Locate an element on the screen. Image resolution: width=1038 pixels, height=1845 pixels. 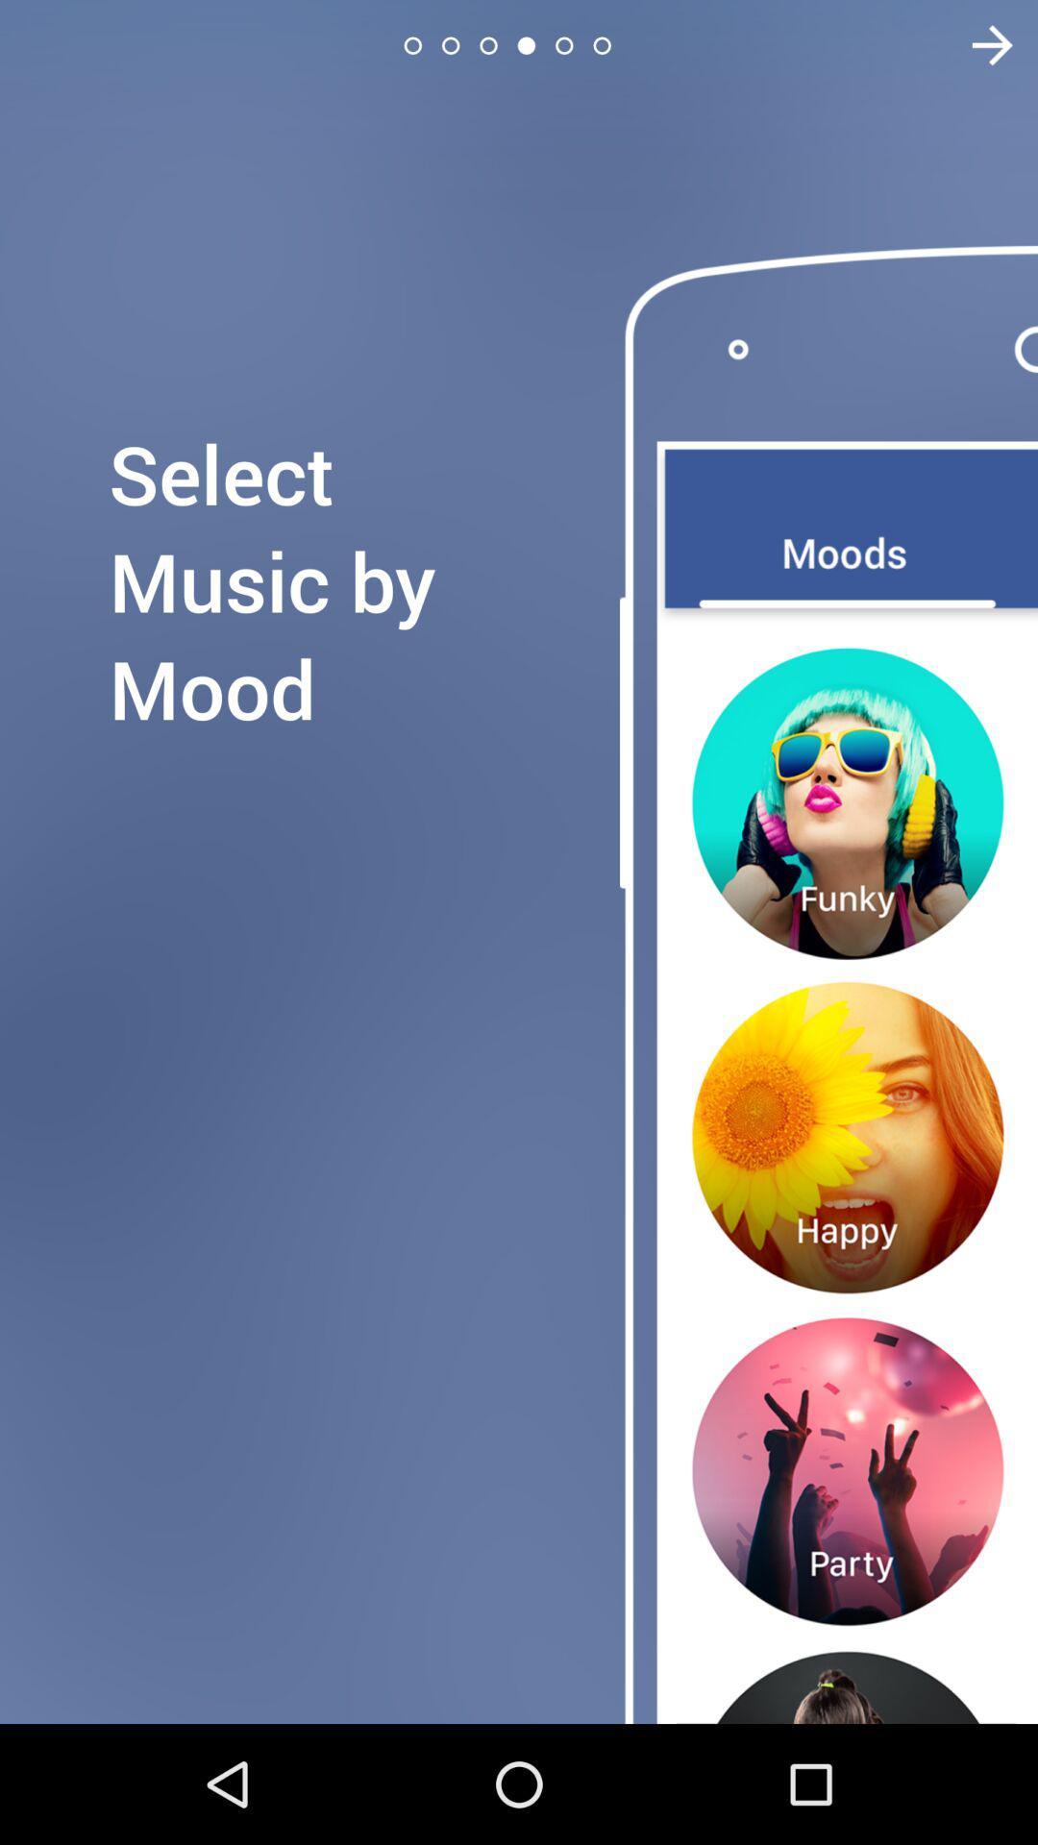
next page is located at coordinates (979, 45).